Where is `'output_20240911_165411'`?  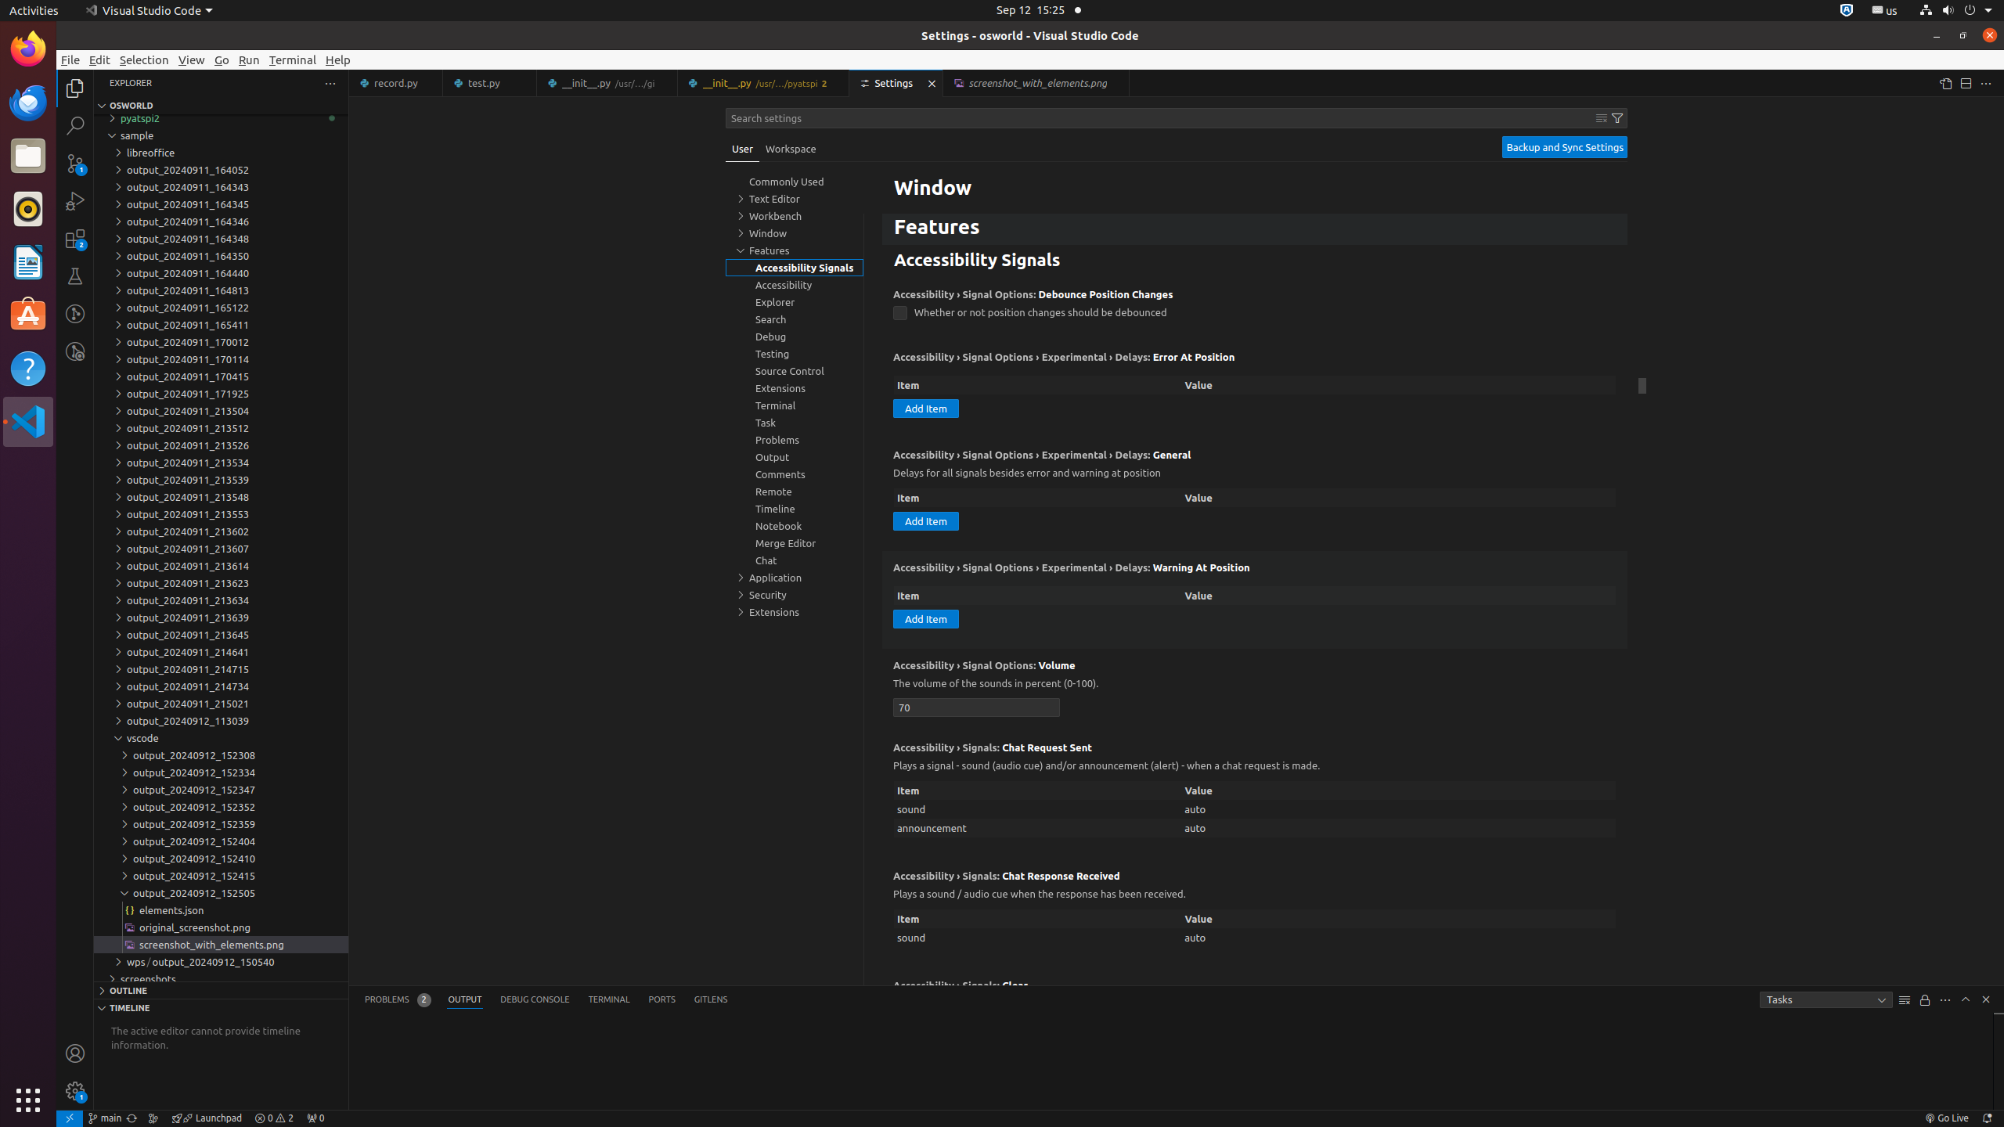 'output_20240911_165411' is located at coordinates (220, 324).